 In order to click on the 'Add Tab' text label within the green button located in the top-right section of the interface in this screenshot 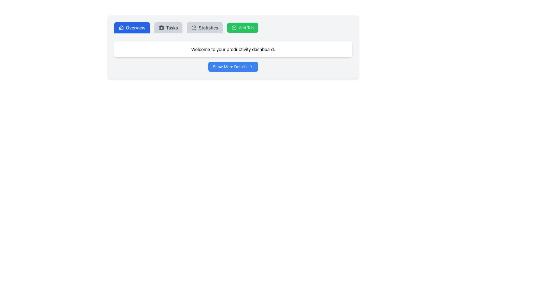, I will do `click(246, 28)`.